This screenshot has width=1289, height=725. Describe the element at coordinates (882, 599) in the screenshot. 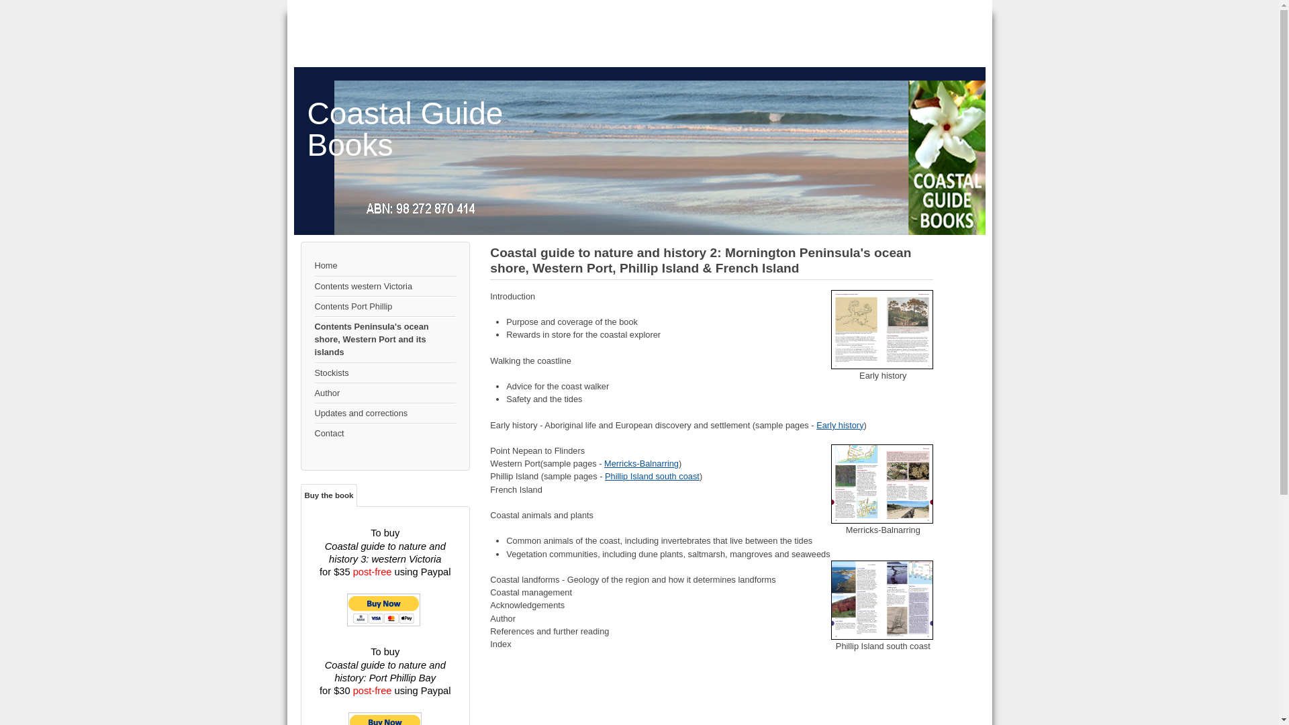

I see `'Phillip Island south coast'` at that location.